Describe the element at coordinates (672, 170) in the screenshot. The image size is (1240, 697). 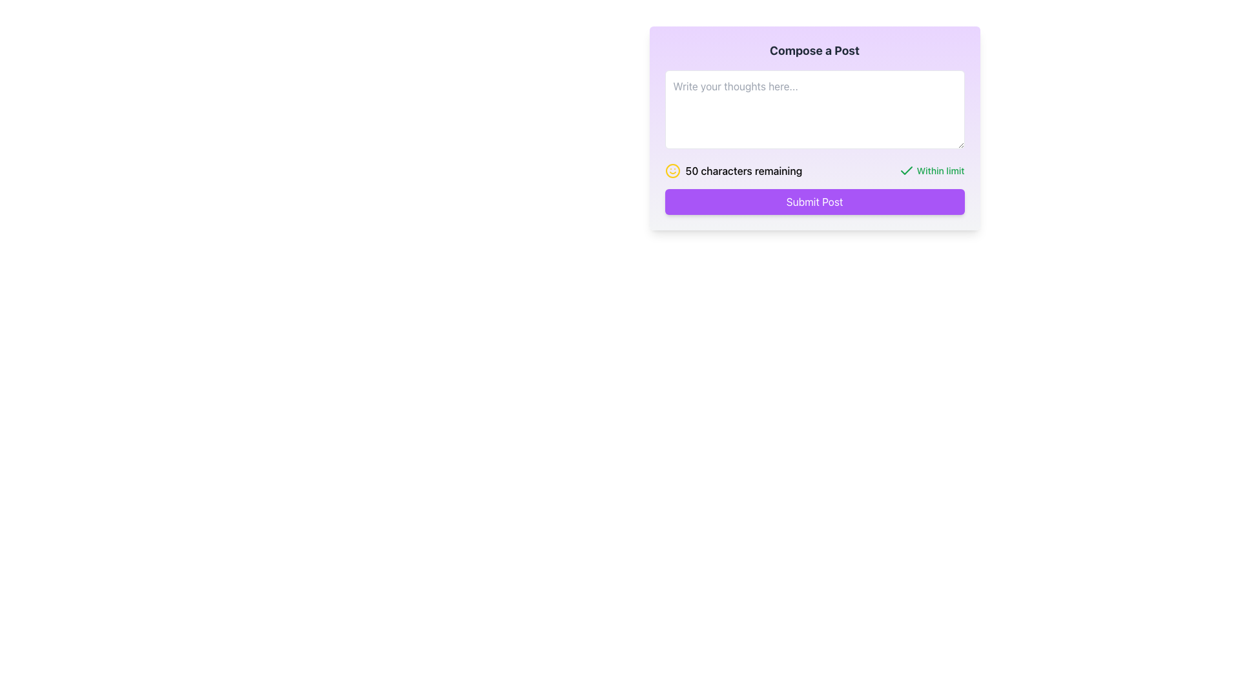
I see `the yellow smiley icon, which features a minimalistic design with a circular outline and facial expression, located to the immediate left of the '50 characters remaining' text` at that location.